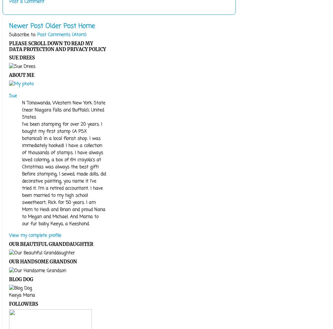 The width and height of the screenshot is (333, 329). I want to click on 'Please scroll down to read my Data Protection and Privacy Policy', so click(57, 46).